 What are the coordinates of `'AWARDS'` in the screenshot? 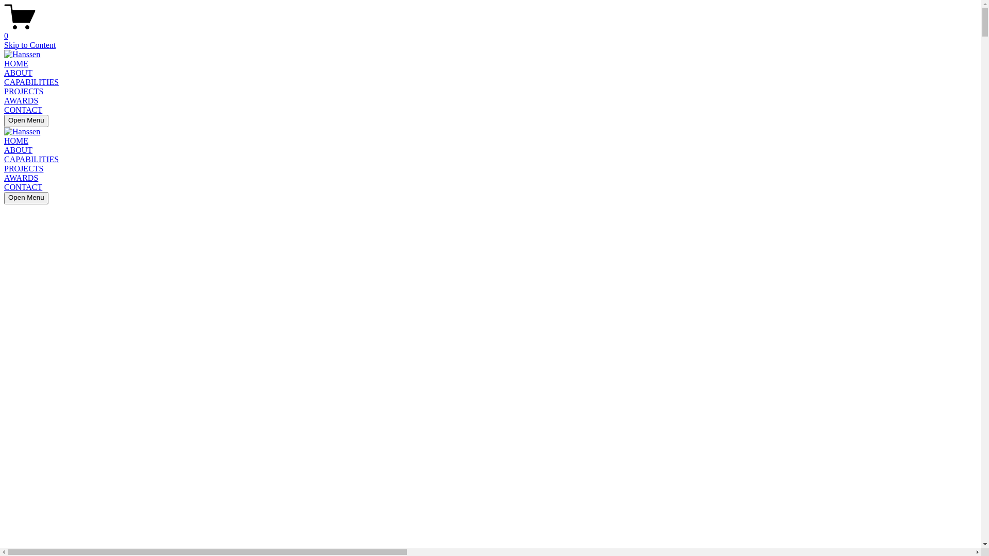 It's located at (21, 177).